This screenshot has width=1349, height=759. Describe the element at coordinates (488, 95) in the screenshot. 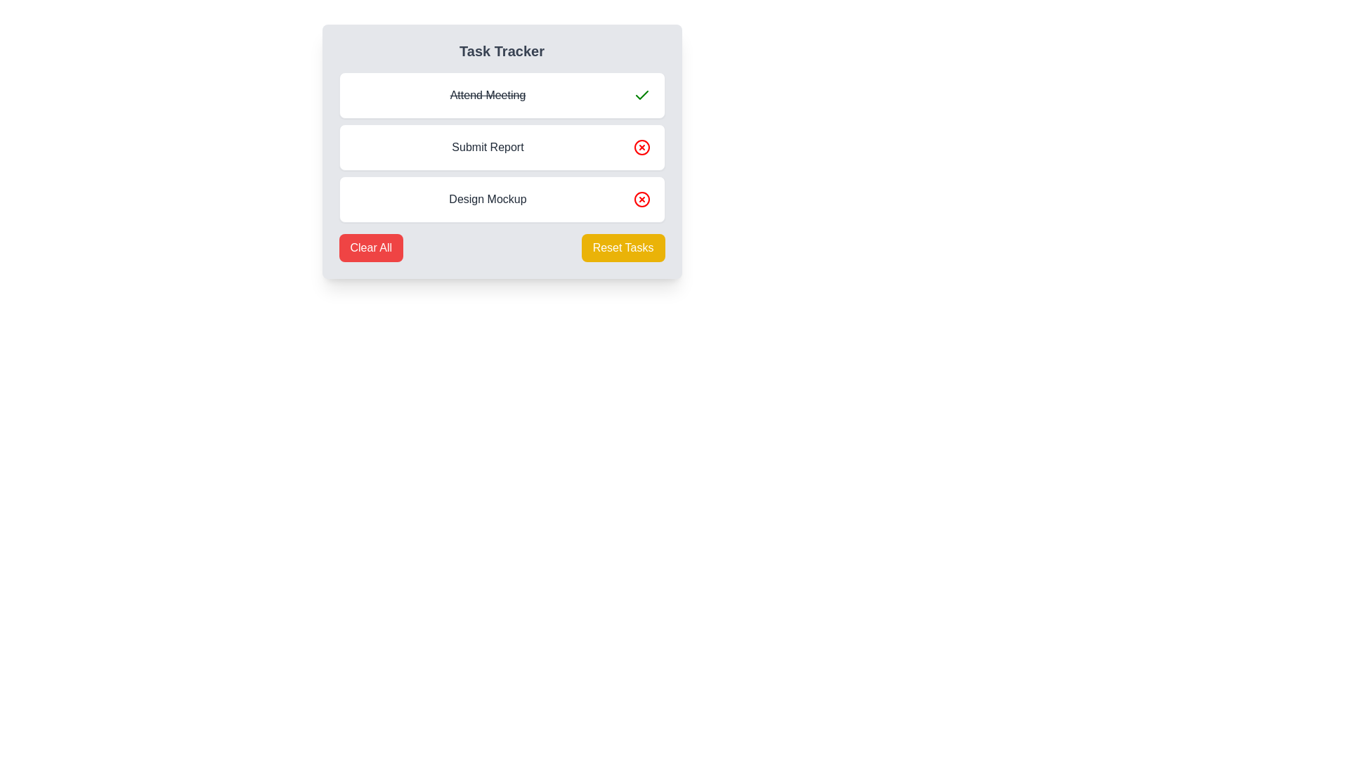

I see `the 'Attend Meeting' text label, which indicates a completed task in a task tracking interface with a strikethrough style, located at the top of the vertical task list` at that location.